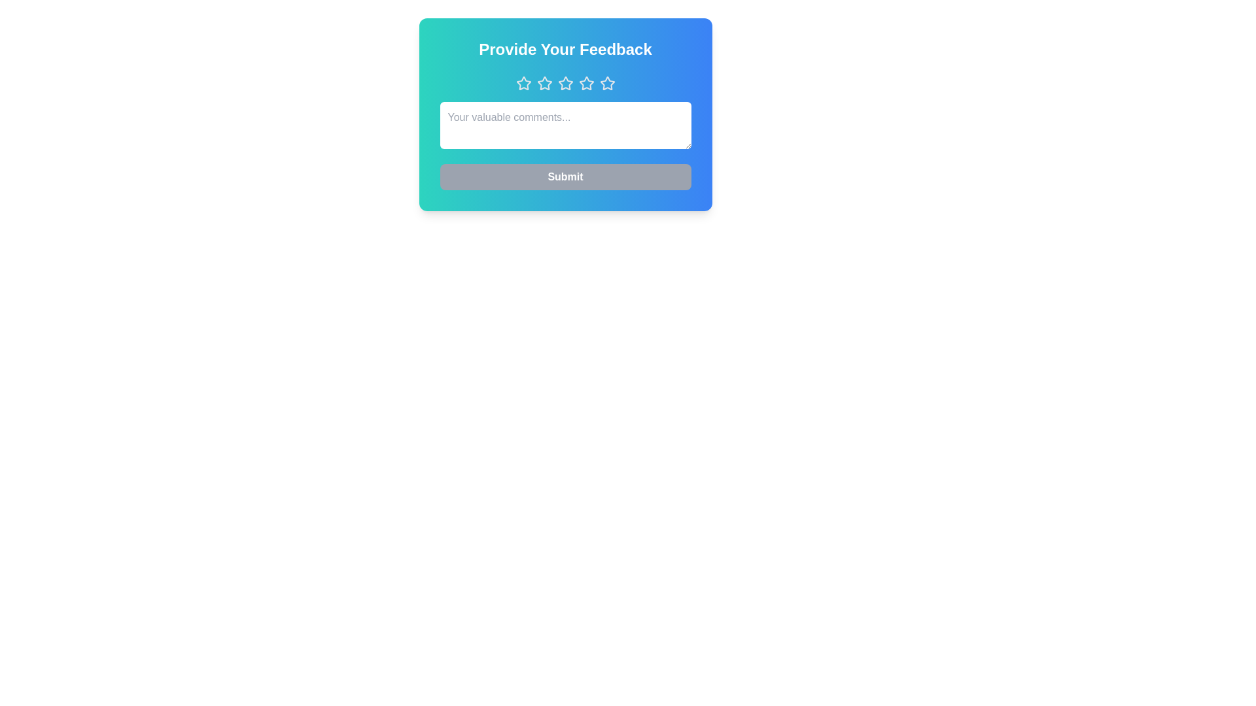  Describe the element at coordinates (523, 83) in the screenshot. I see `the star button corresponding to the desired rating 1` at that location.